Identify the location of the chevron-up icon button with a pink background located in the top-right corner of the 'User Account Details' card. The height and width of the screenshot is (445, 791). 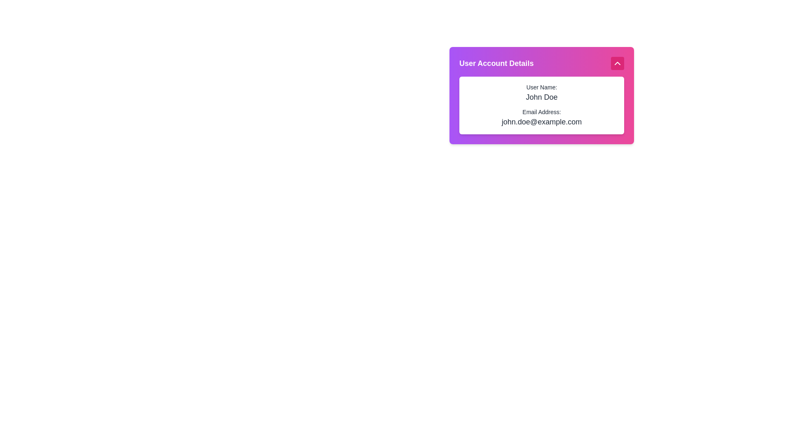
(617, 63).